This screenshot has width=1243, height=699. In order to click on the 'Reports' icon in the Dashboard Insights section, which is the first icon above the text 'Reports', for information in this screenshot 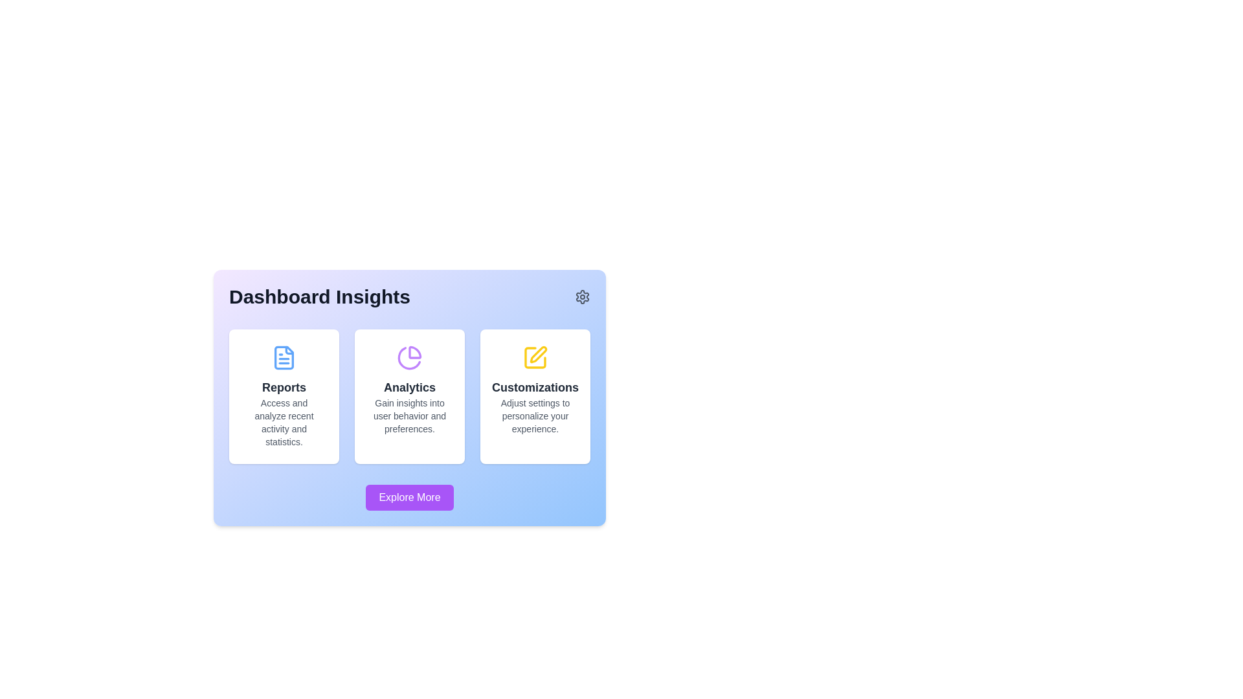, I will do `click(283, 357)`.